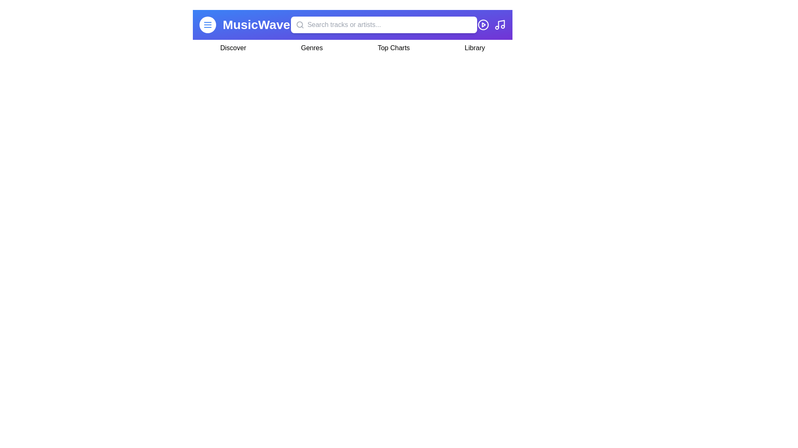  What do you see at coordinates (233, 48) in the screenshot?
I see `the navigation item Discover by clicking on it` at bounding box center [233, 48].